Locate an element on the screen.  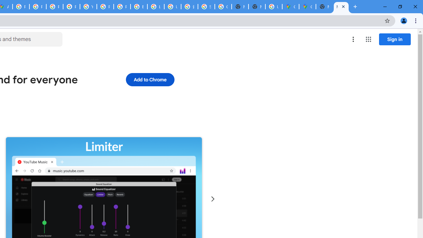
'More options menu' is located at coordinates (353, 39).